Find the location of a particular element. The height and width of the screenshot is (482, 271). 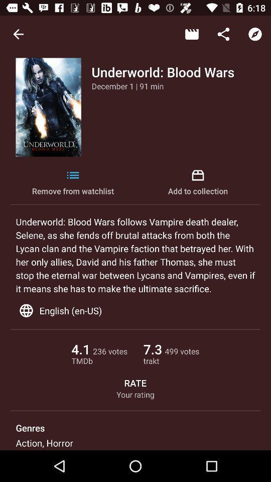

the icon above remove from watchlist is located at coordinates (127, 85).